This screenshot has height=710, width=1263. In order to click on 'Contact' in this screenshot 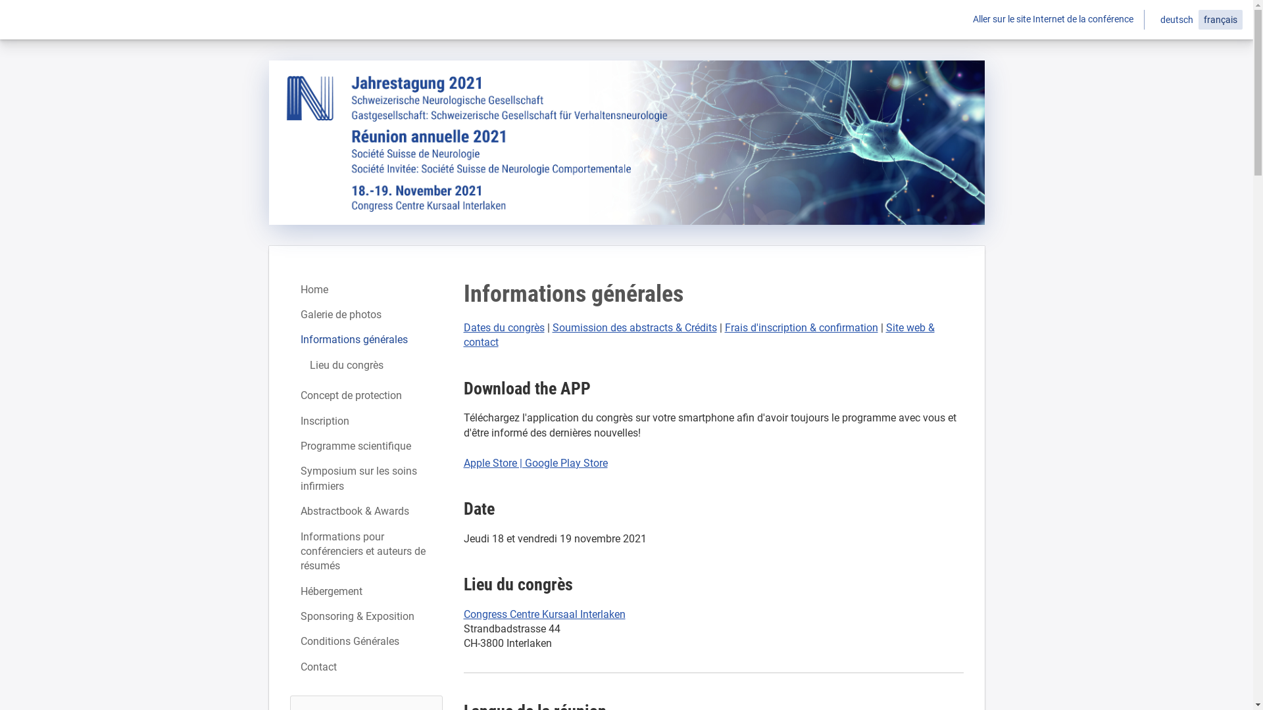, I will do `click(289, 667)`.